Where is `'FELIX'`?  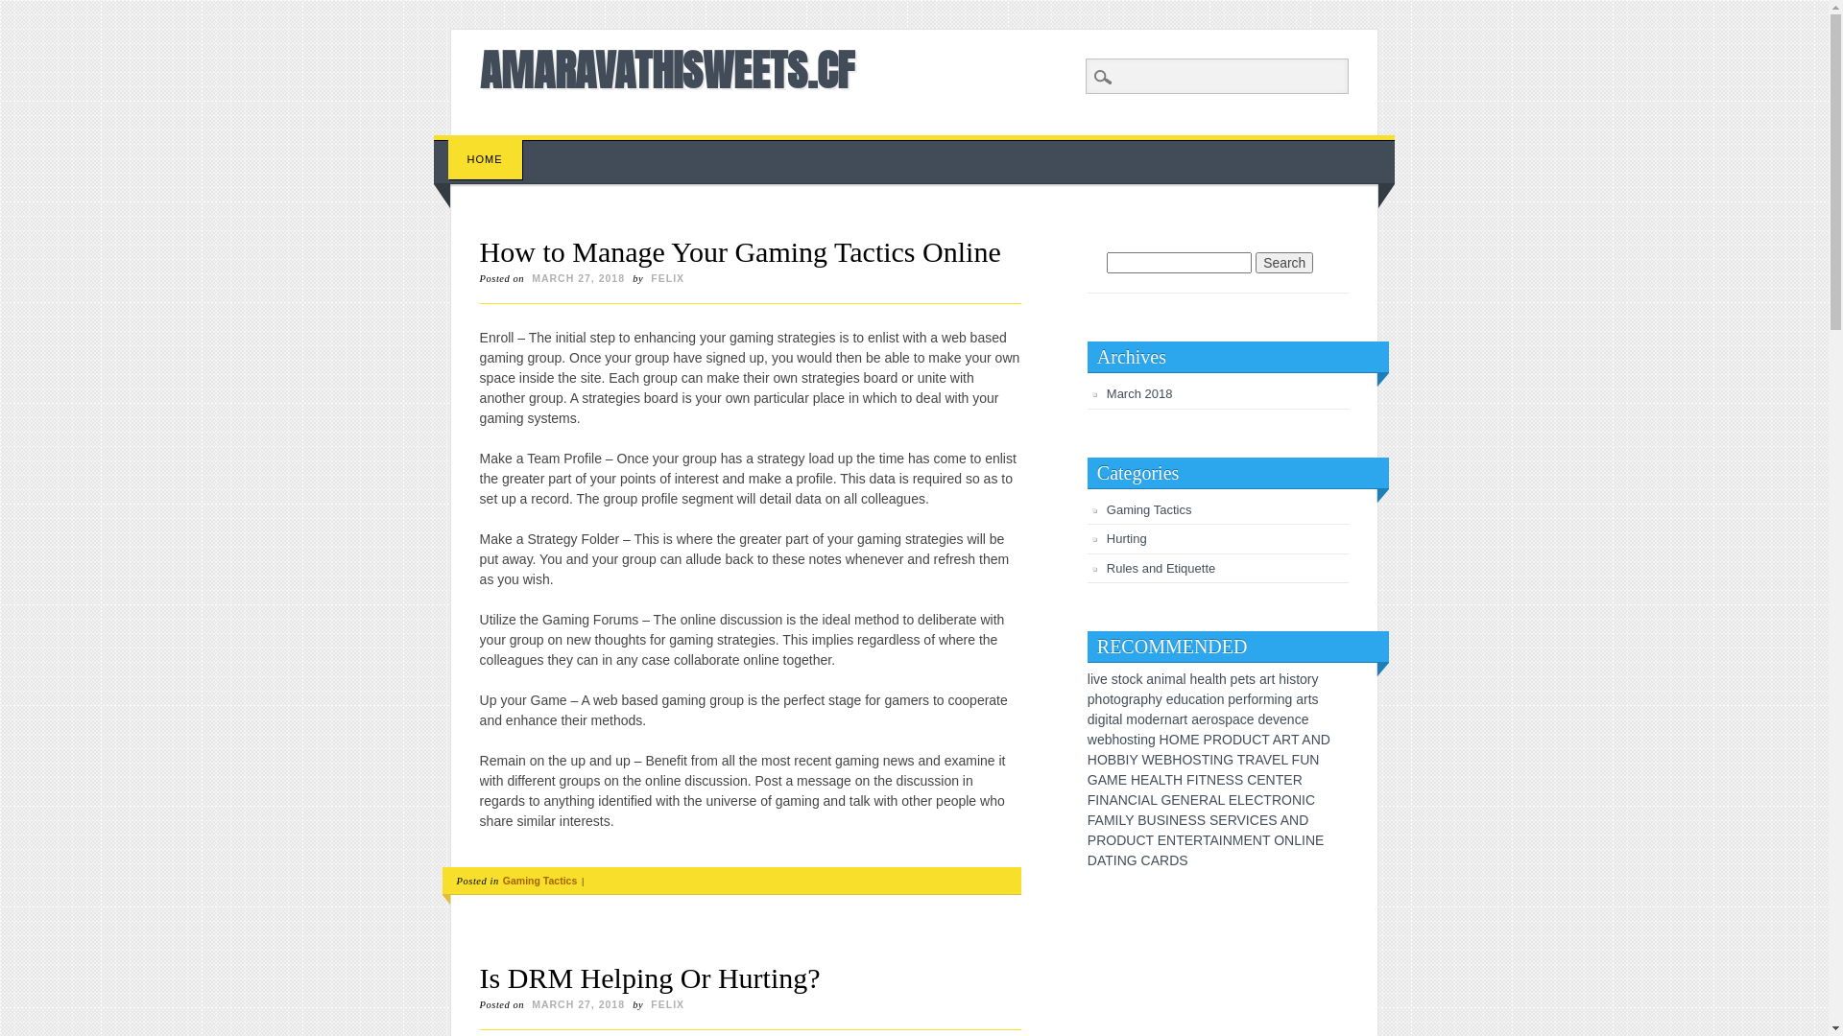 'FELIX' is located at coordinates (667, 277).